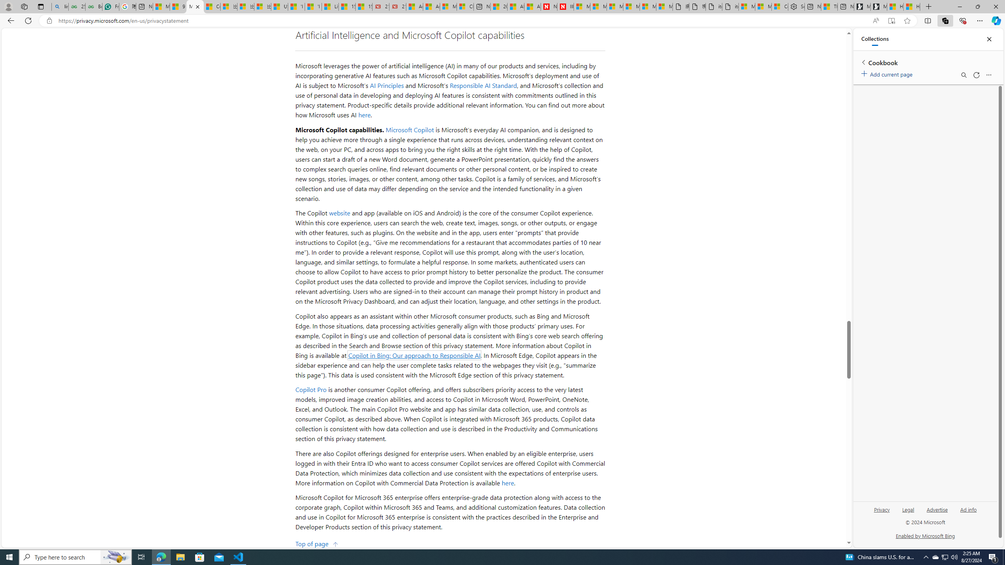 This screenshot has height=565, width=1005. Describe the element at coordinates (829, 6) in the screenshot. I see `'Three Ways To Stop Sweating So Much'` at that location.